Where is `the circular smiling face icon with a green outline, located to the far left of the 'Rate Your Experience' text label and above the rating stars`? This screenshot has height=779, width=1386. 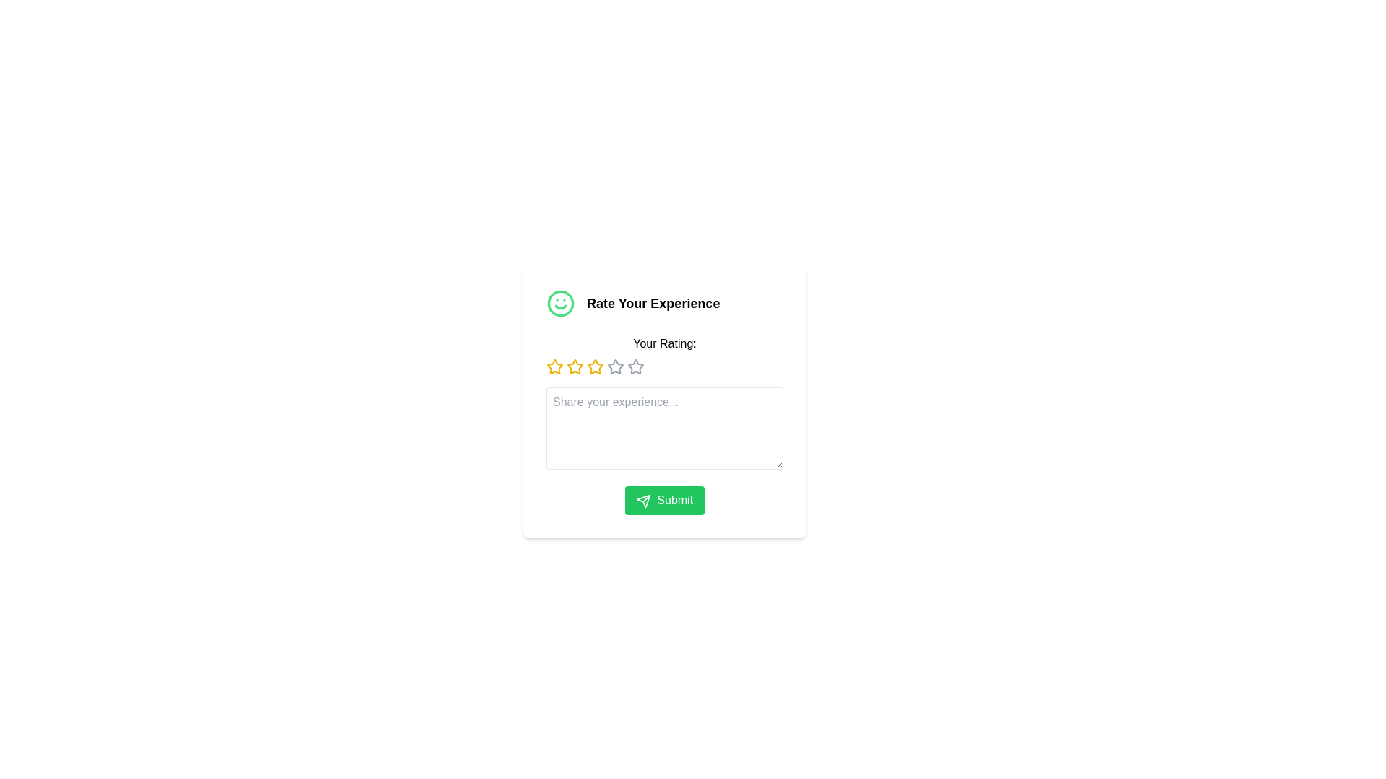
the circular smiling face icon with a green outline, located to the far left of the 'Rate Your Experience' text label and above the rating stars is located at coordinates (560, 302).